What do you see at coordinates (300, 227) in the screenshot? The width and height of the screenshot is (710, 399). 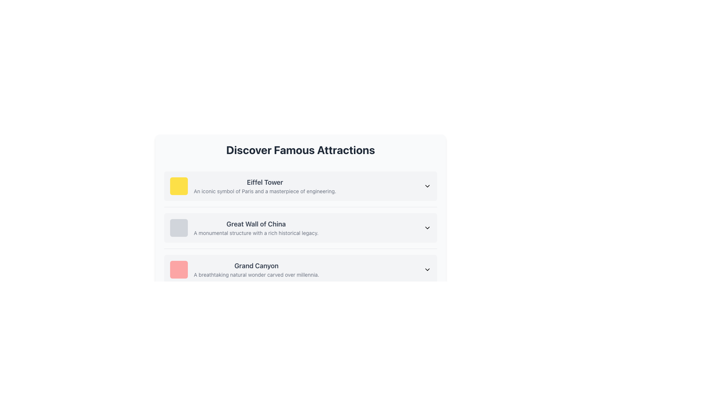 I see `the collapsible/expandable list item representing the 'Great Wall of China'` at bounding box center [300, 227].